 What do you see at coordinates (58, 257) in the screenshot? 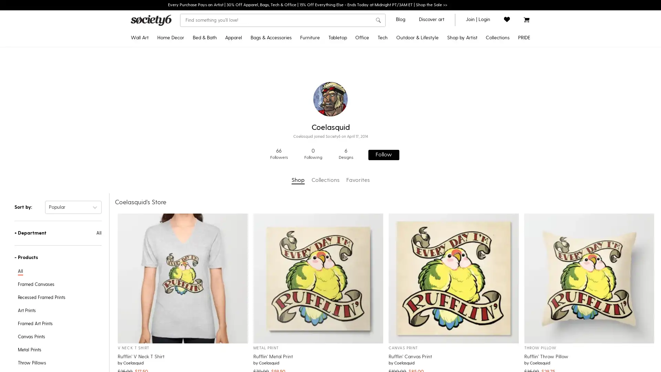
I see `-Products` at bounding box center [58, 257].